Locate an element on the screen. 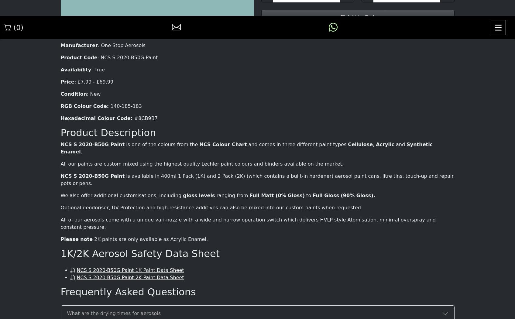 Image resolution: width=515 pixels, height=319 pixels. 'Terms & Conditions' is located at coordinates (271, 280).